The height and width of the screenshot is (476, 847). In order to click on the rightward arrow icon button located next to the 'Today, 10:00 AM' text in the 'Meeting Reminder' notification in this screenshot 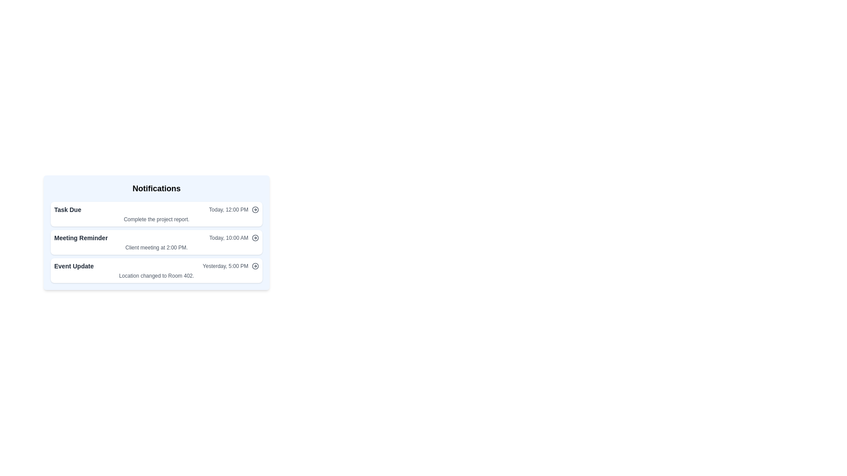, I will do `click(255, 238)`.